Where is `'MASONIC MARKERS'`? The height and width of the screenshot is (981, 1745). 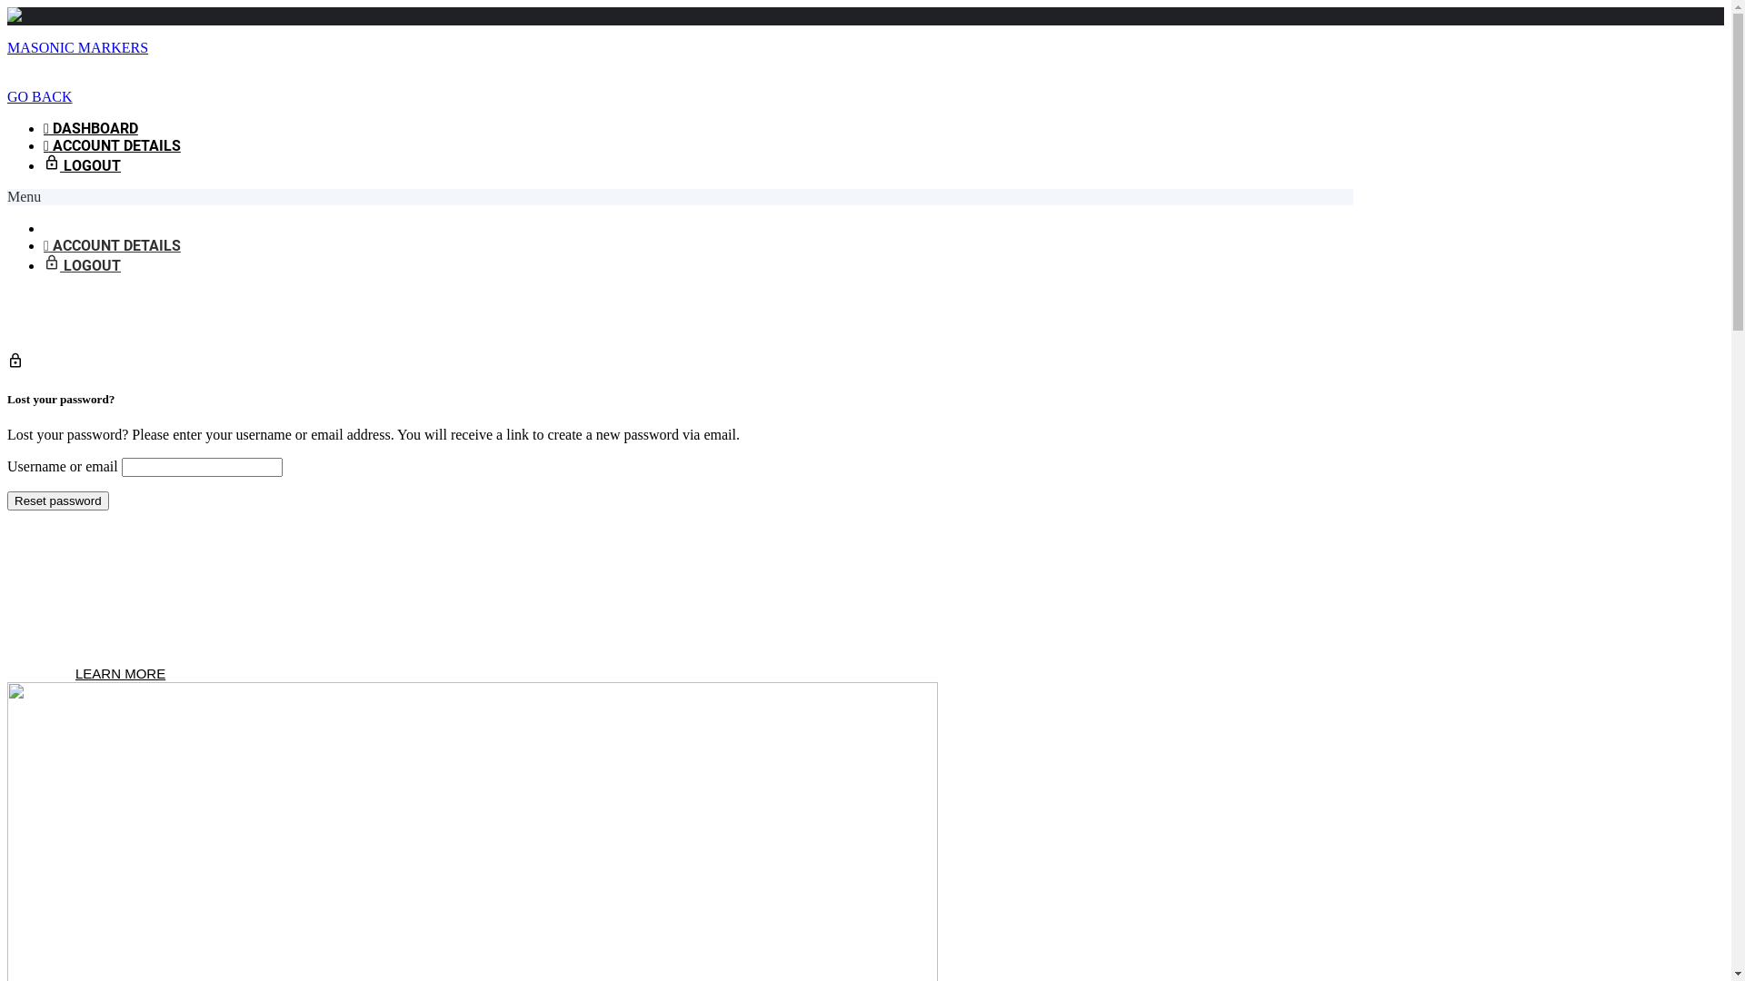
'MASONIC MARKERS' is located at coordinates (76, 46).